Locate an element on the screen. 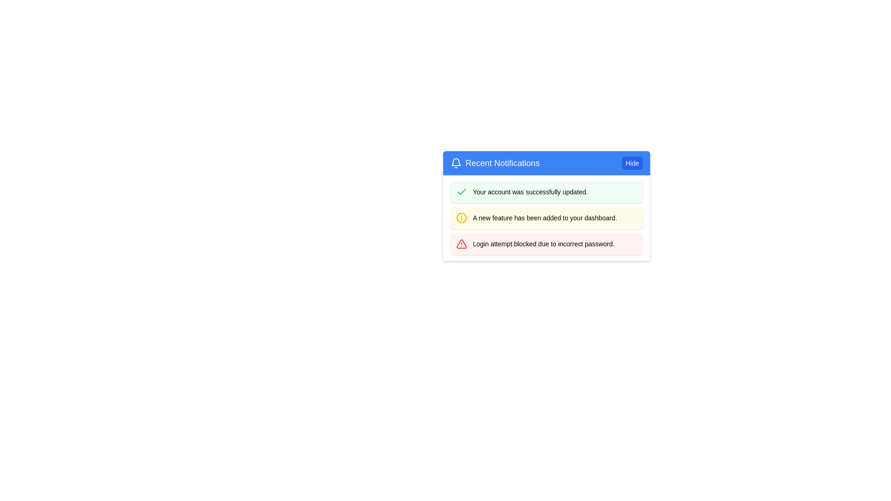  the checkmark icon that indicates a successful update message, located on the left side of the first notification item aligned with the text 'Your account was successfully updated.' is located at coordinates (461, 191).